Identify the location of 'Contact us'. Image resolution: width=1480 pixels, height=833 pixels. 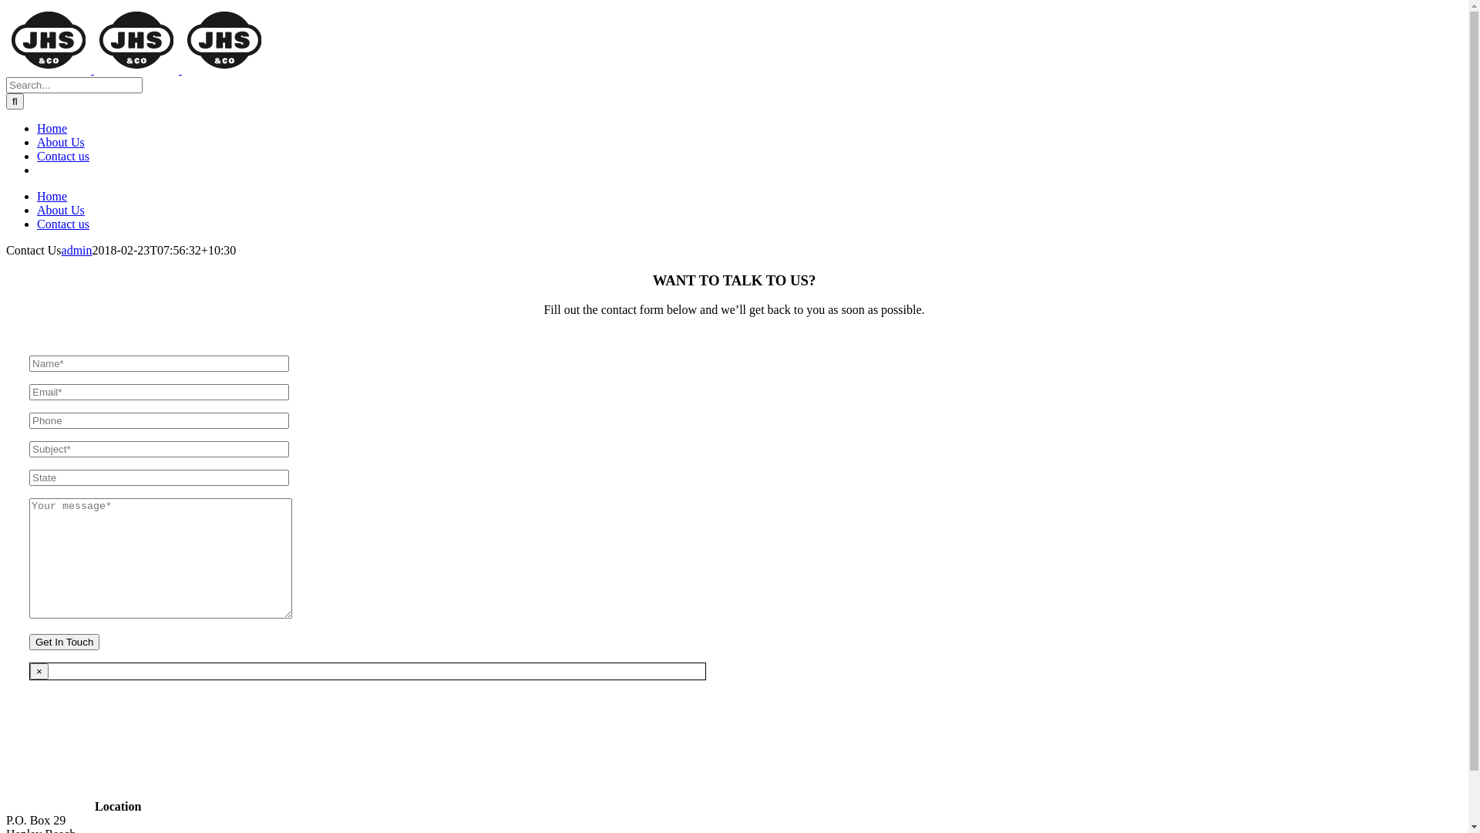
(62, 156).